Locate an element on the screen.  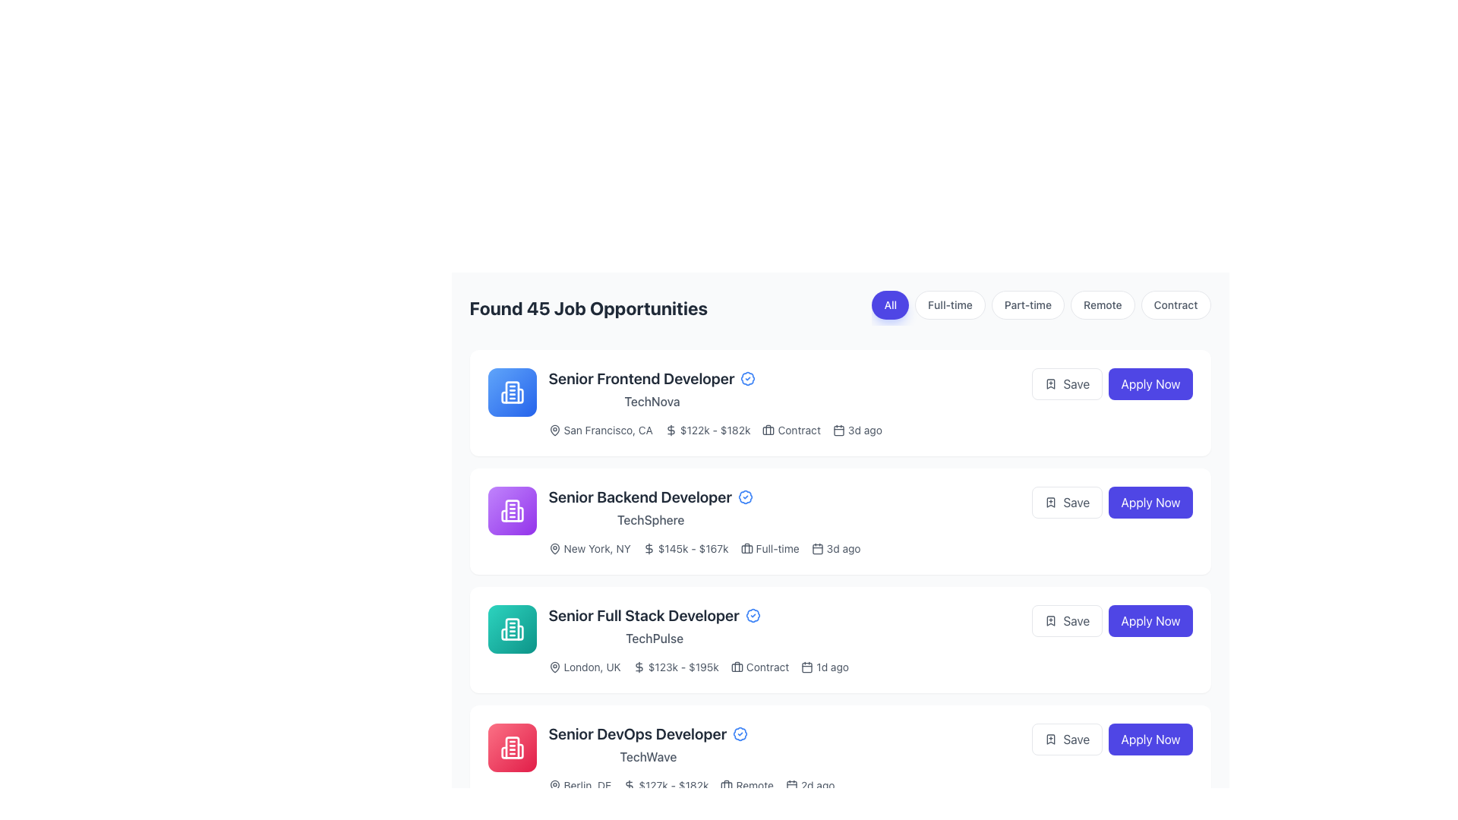
the icon or badge component located on the right side of the 'Senior Frontend Developer' row, adjacent to the title text is located at coordinates (748, 377).